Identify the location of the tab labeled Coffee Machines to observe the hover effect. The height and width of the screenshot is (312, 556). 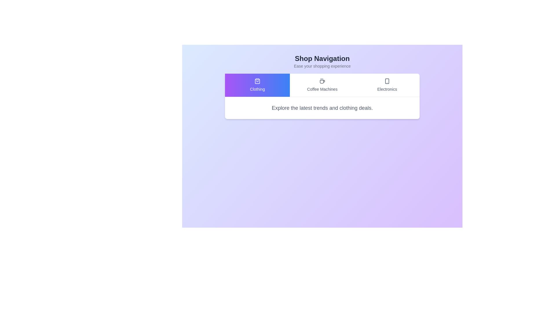
(322, 85).